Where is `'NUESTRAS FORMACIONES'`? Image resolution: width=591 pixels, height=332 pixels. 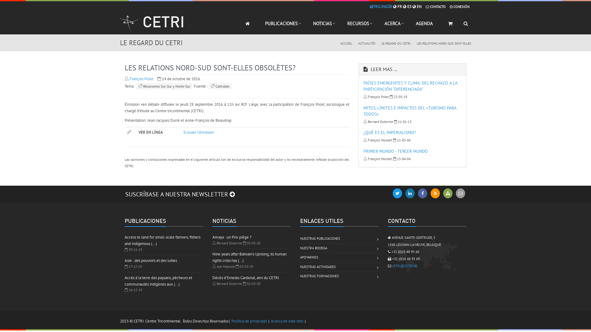 'NUESTRAS FORMACIONES' is located at coordinates (319, 276).